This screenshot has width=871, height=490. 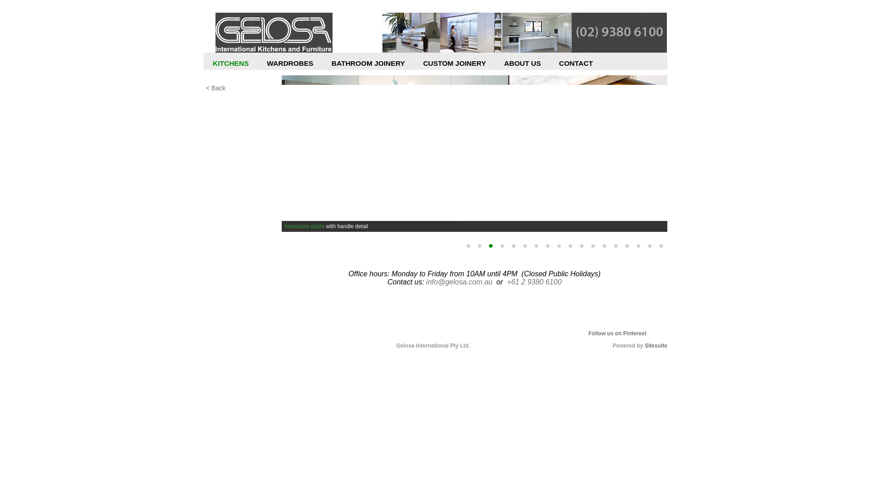 What do you see at coordinates (616, 246) in the screenshot?
I see `'14'` at bounding box center [616, 246].